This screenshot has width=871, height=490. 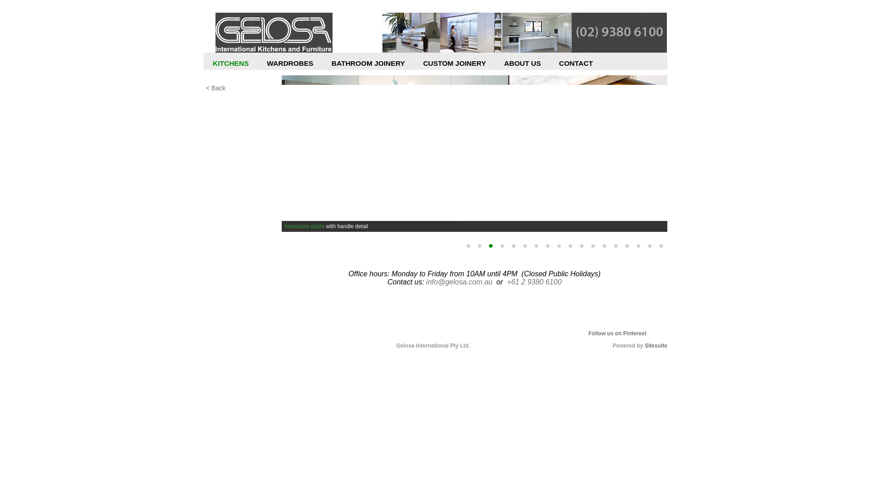 What do you see at coordinates (616, 246) in the screenshot?
I see `'14'` at bounding box center [616, 246].